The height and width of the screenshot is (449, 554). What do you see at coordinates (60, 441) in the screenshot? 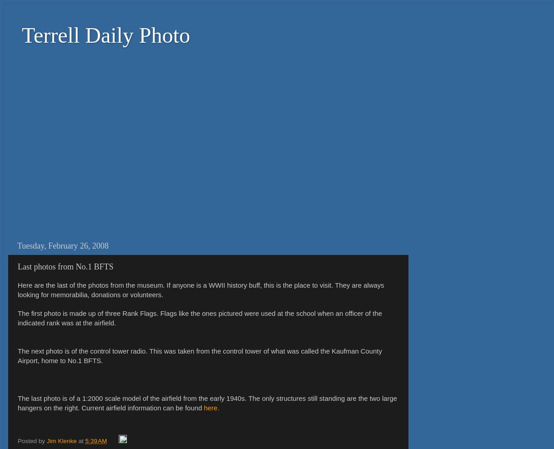
I see `'Jim Klenke'` at bounding box center [60, 441].